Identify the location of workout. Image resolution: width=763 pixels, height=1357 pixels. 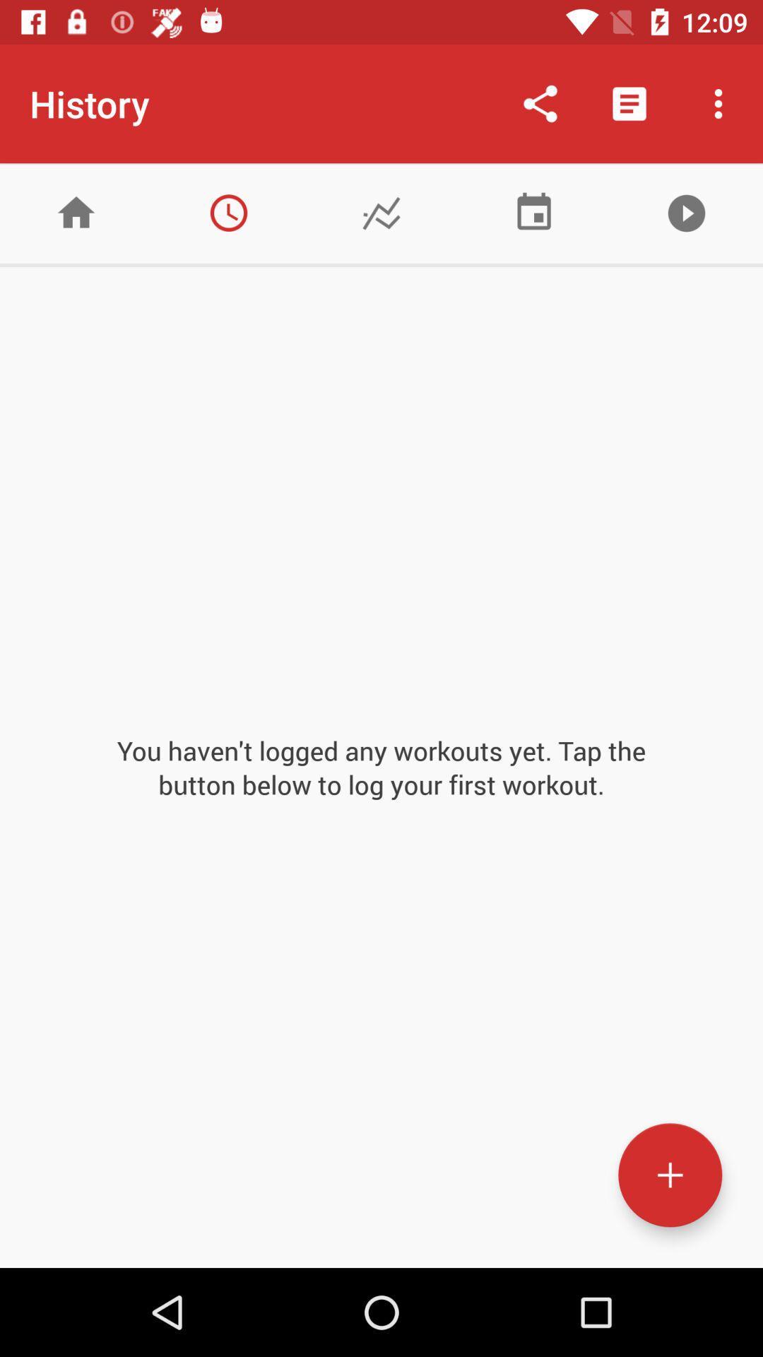
(669, 1175).